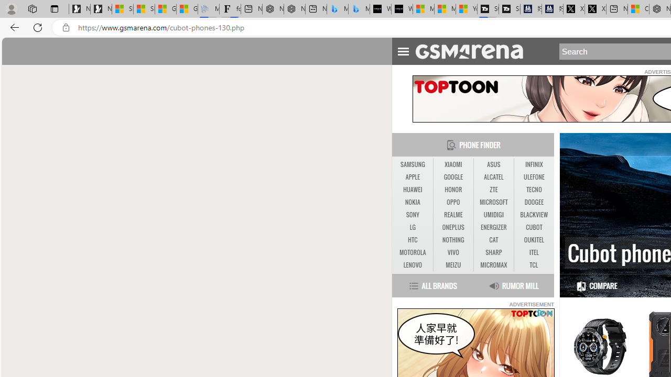 This screenshot has height=377, width=671. Describe the element at coordinates (493, 240) in the screenshot. I see `'CAT'` at that location.